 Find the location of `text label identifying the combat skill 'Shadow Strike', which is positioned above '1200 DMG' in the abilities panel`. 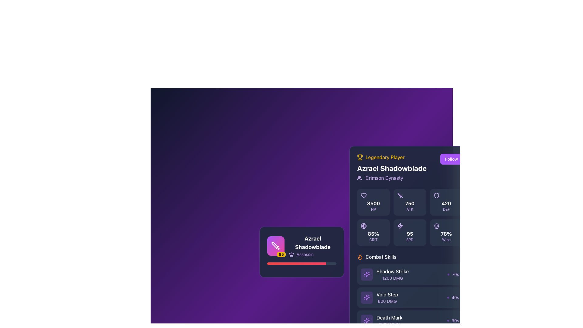

text label identifying the combat skill 'Shadow Strike', which is positioned above '1200 DMG' in the abilities panel is located at coordinates (392, 271).